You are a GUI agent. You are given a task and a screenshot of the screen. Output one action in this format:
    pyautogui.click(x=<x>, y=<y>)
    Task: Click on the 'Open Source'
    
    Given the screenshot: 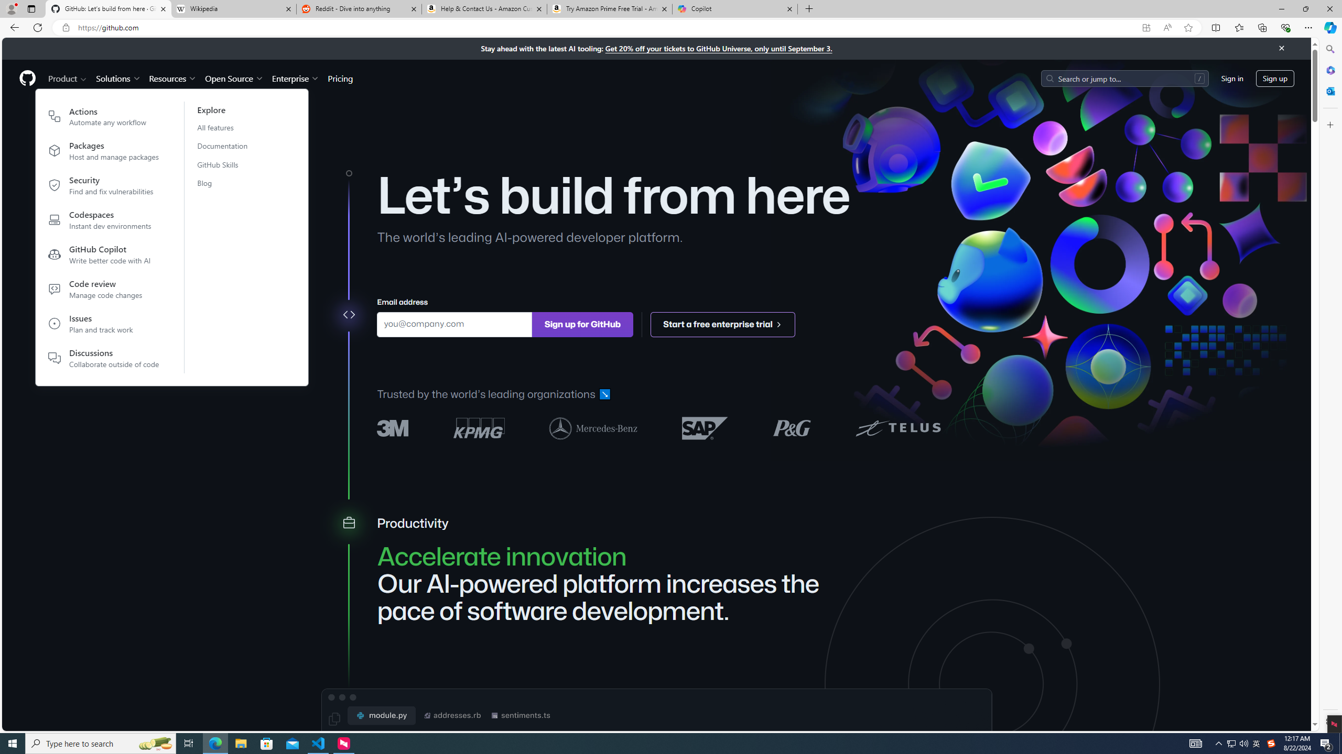 What is the action you would take?
    pyautogui.click(x=235, y=78)
    